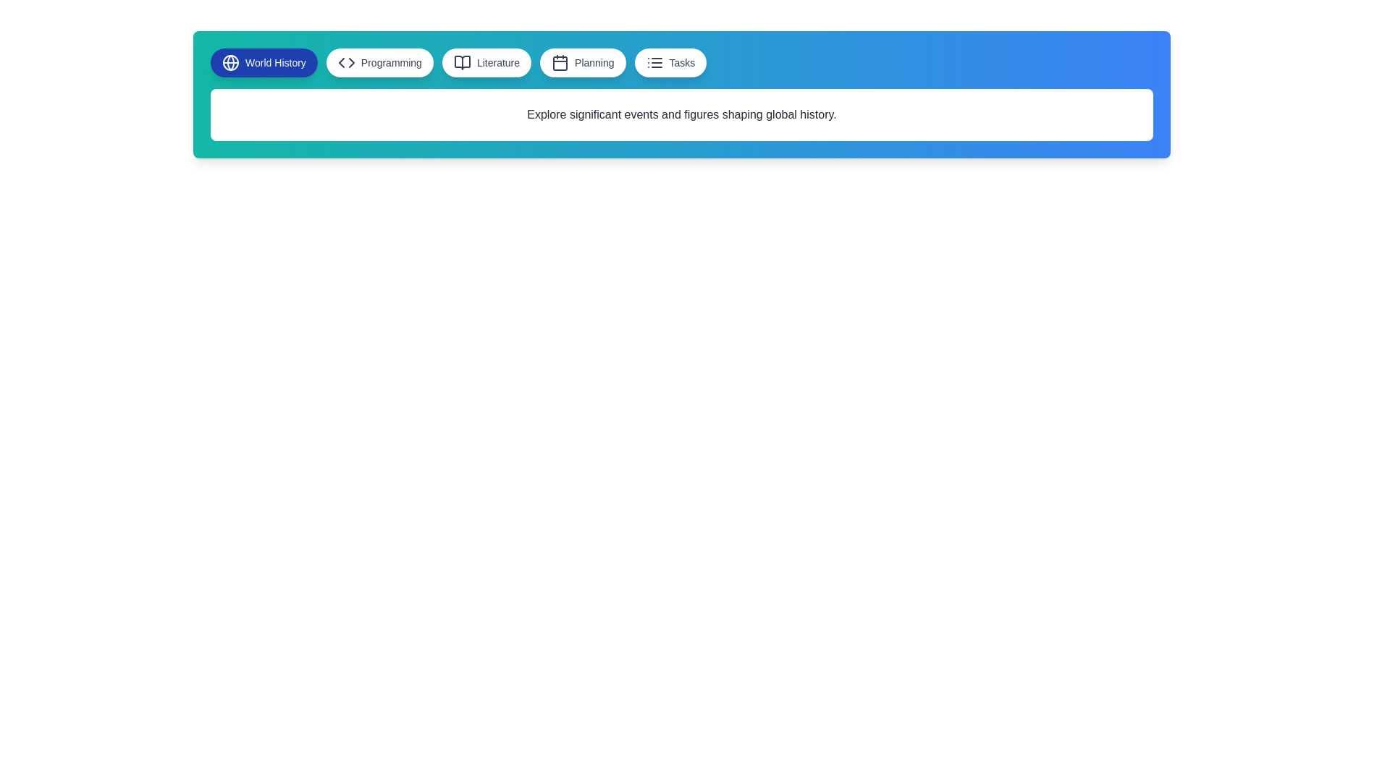 This screenshot has width=1390, height=781. I want to click on the tab labeled Programming to view its content, so click(379, 62).